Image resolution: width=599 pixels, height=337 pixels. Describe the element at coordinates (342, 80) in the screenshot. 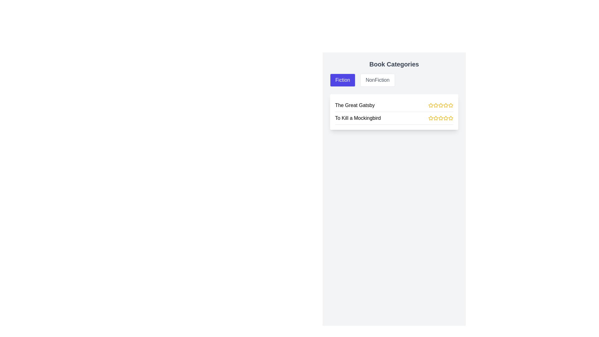

I see `the blue button labeled 'Fiction' with white text` at that location.